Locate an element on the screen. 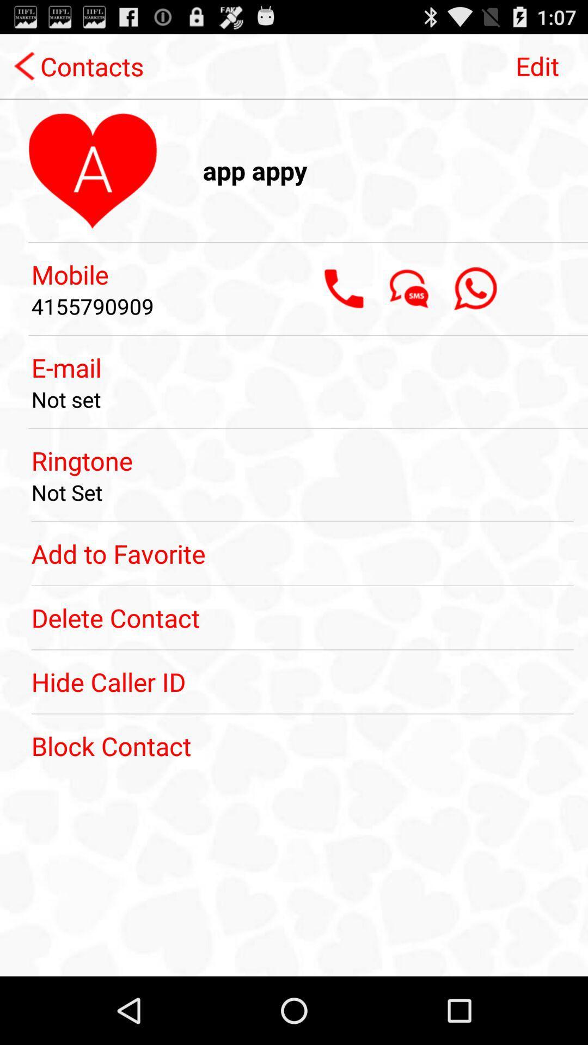 The width and height of the screenshot is (588, 1045). send a message is located at coordinates (409, 288).